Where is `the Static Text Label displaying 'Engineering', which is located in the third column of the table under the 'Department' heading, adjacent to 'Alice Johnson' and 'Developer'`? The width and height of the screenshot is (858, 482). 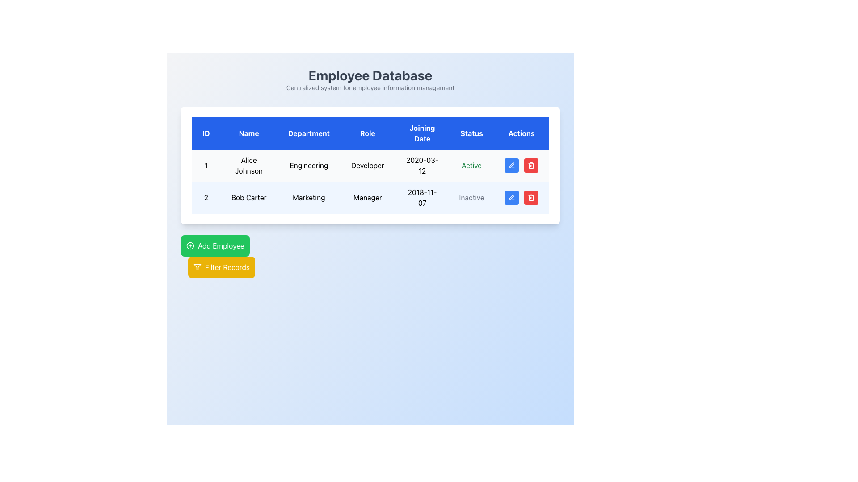 the Static Text Label displaying 'Engineering', which is located in the third column of the table under the 'Department' heading, adjacent to 'Alice Johnson' and 'Developer' is located at coordinates (309, 165).